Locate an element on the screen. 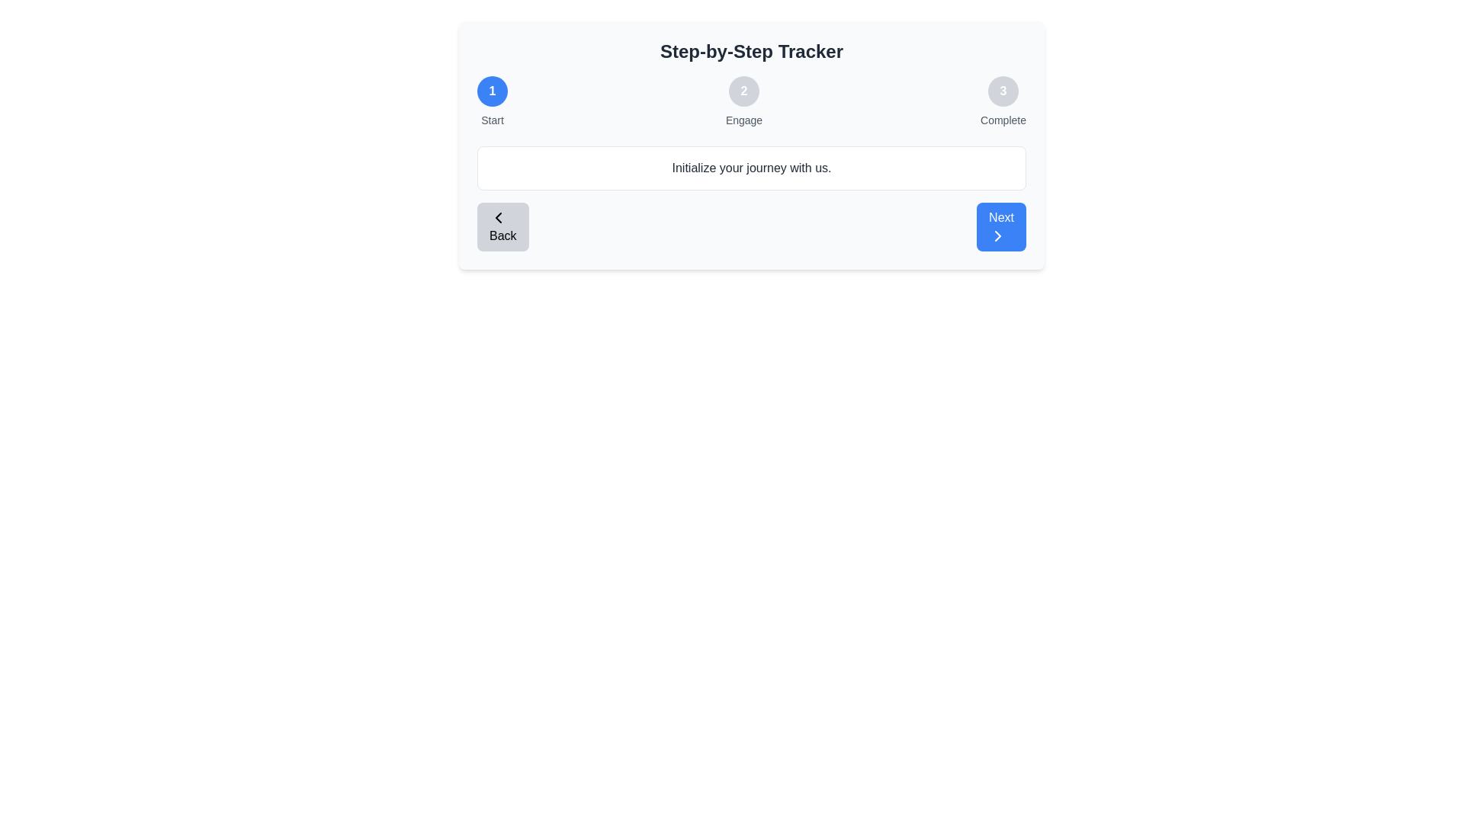  the text label representing the first step in the multi-step tracker, located directly below the blue circular number '1' is located at coordinates (493, 120).